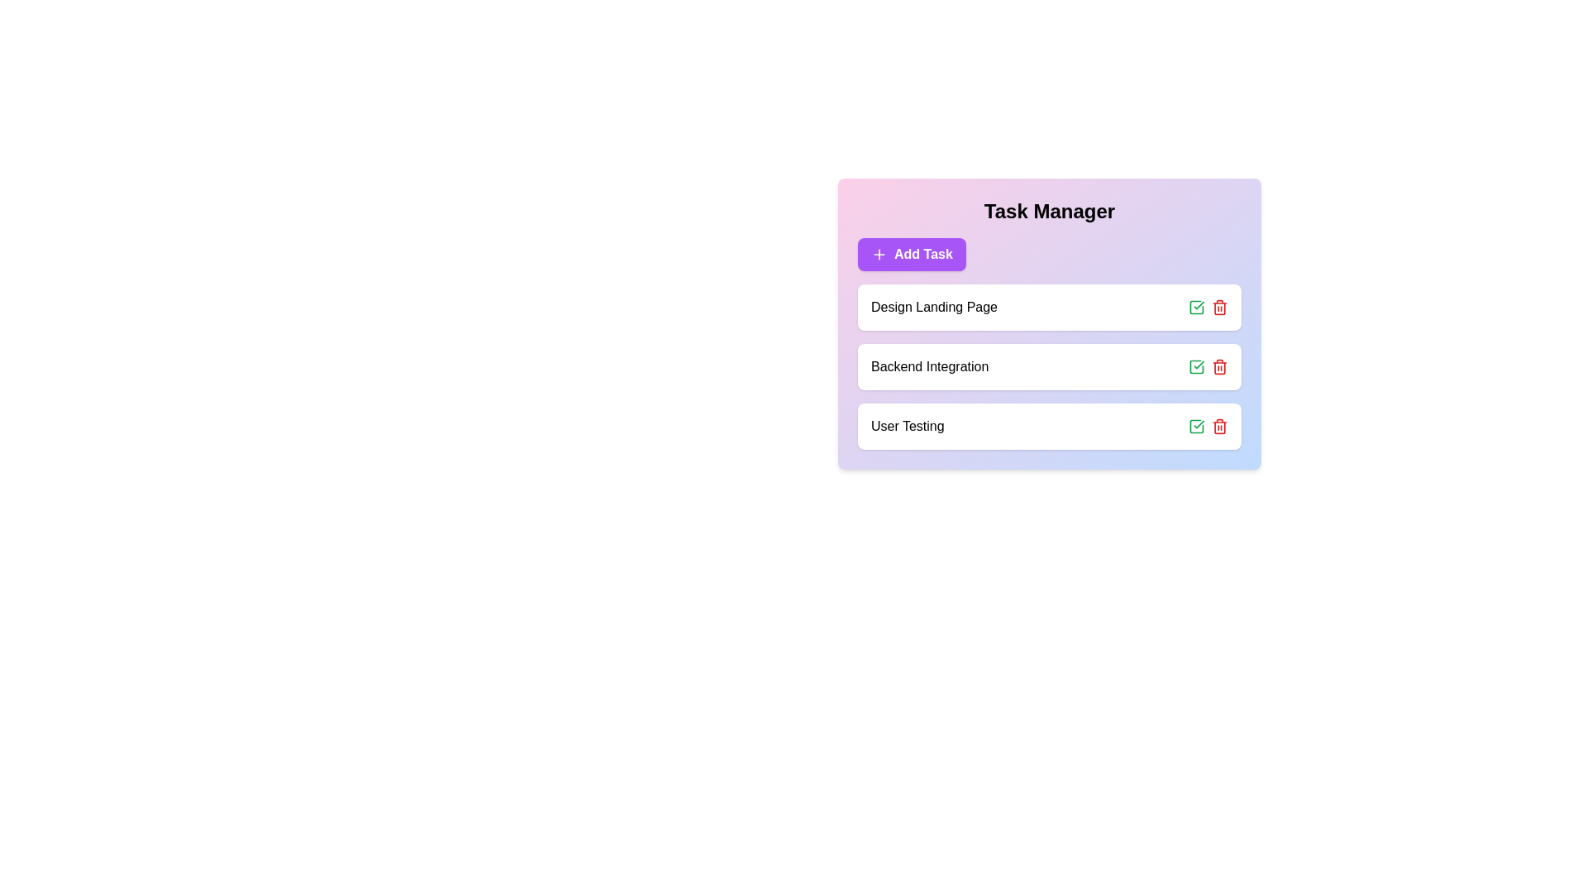  Describe the element at coordinates (1220, 426) in the screenshot. I see `trash icon for the task 'User Testing' to remove it` at that location.